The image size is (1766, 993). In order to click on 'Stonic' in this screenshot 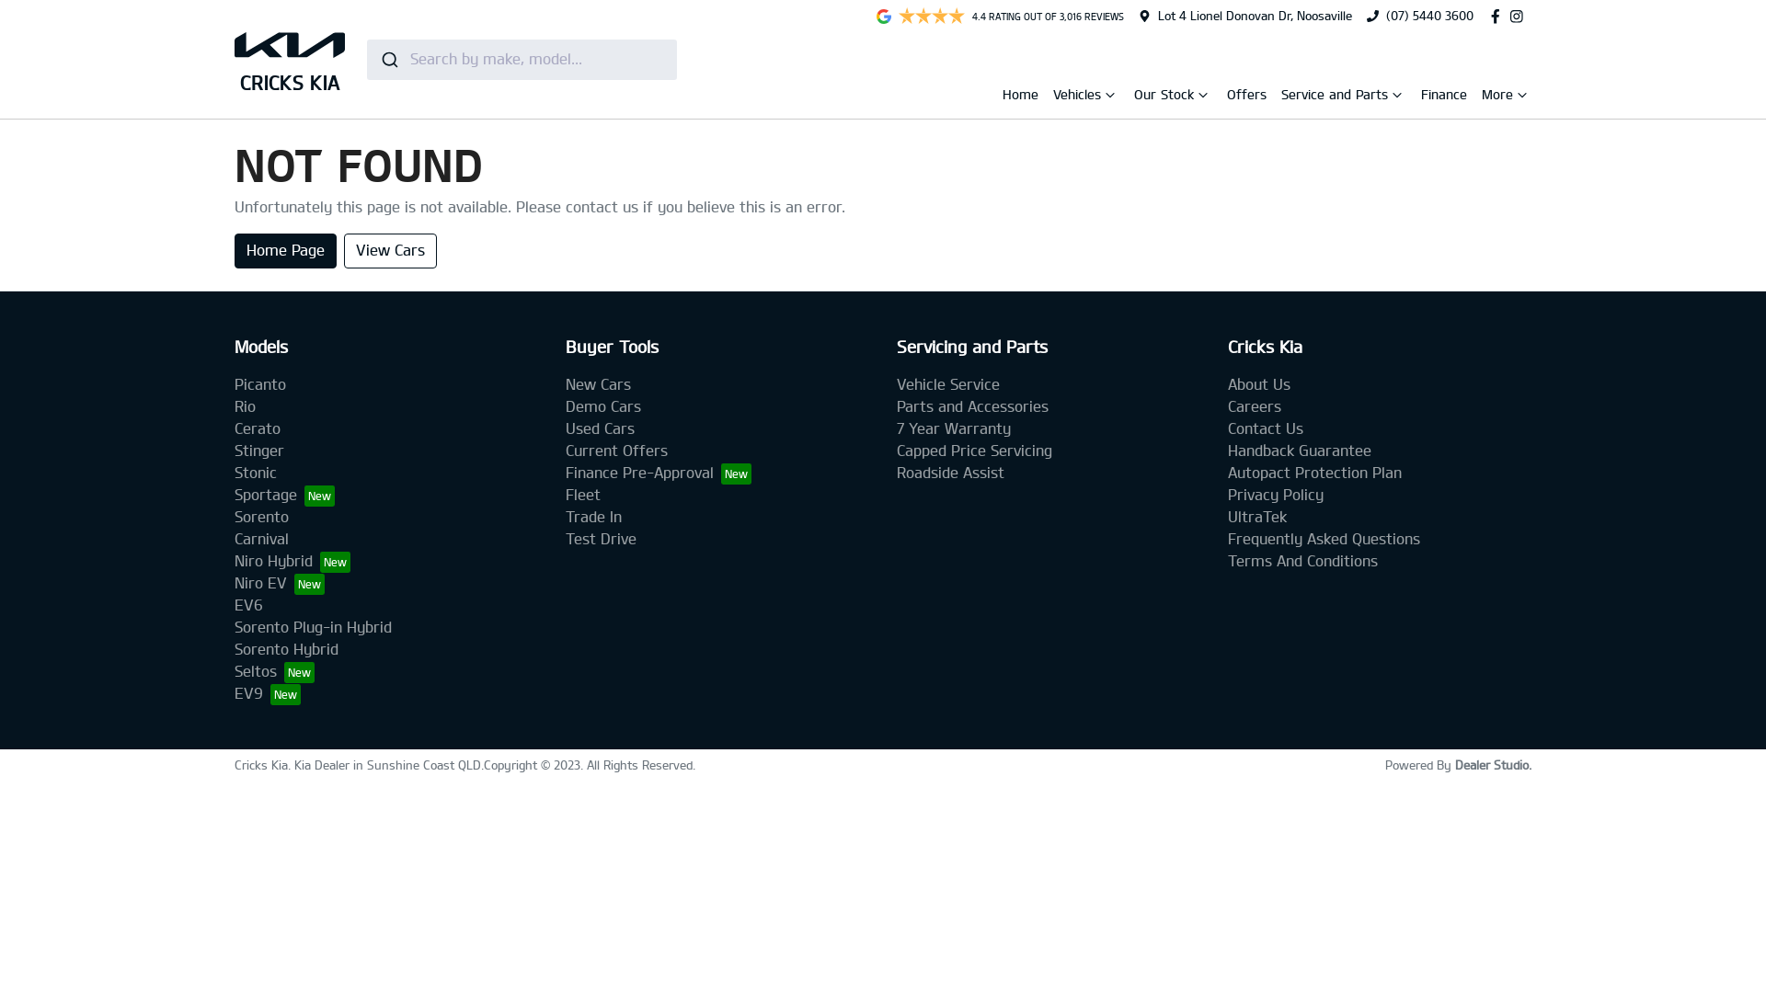, I will do `click(233, 472)`.